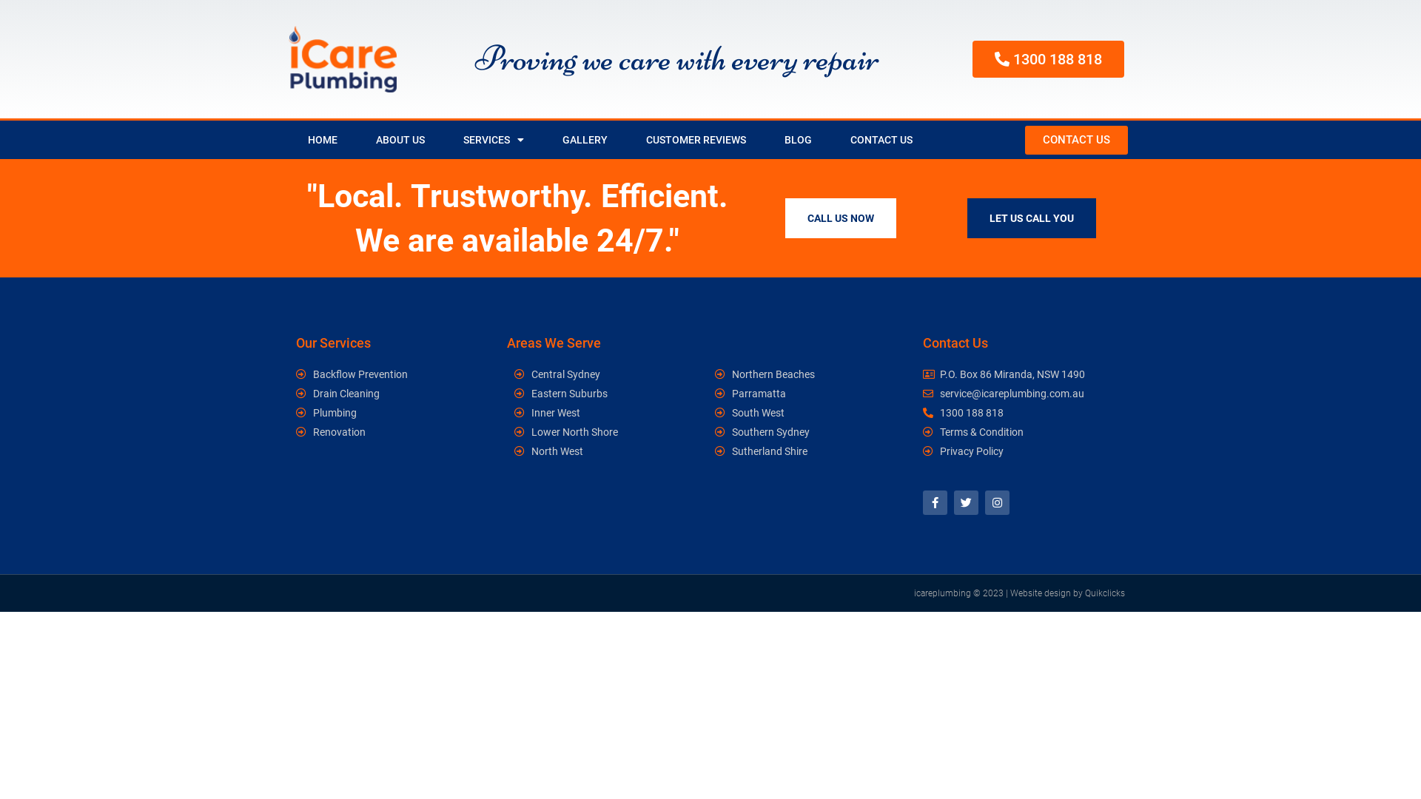  Describe the element at coordinates (807, 373) in the screenshot. I see `'Northern Beaches'` at that location.